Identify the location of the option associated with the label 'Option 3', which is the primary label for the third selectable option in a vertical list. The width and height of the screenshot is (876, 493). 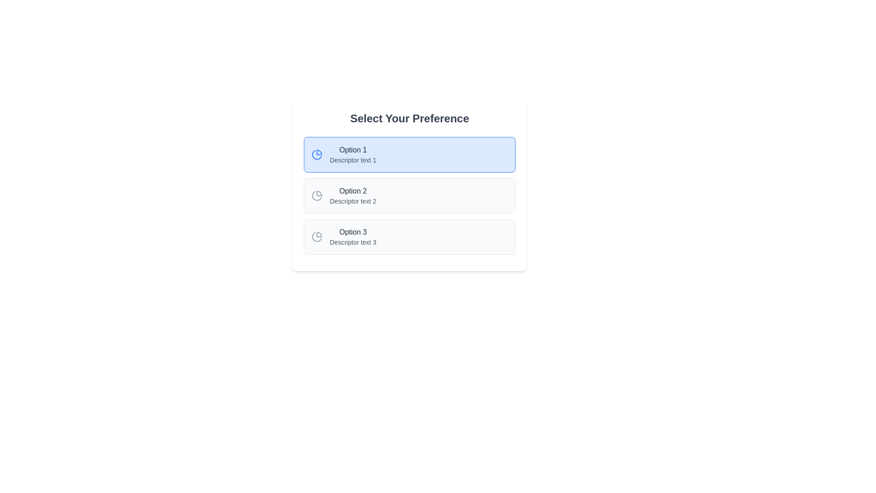
(352, 232).